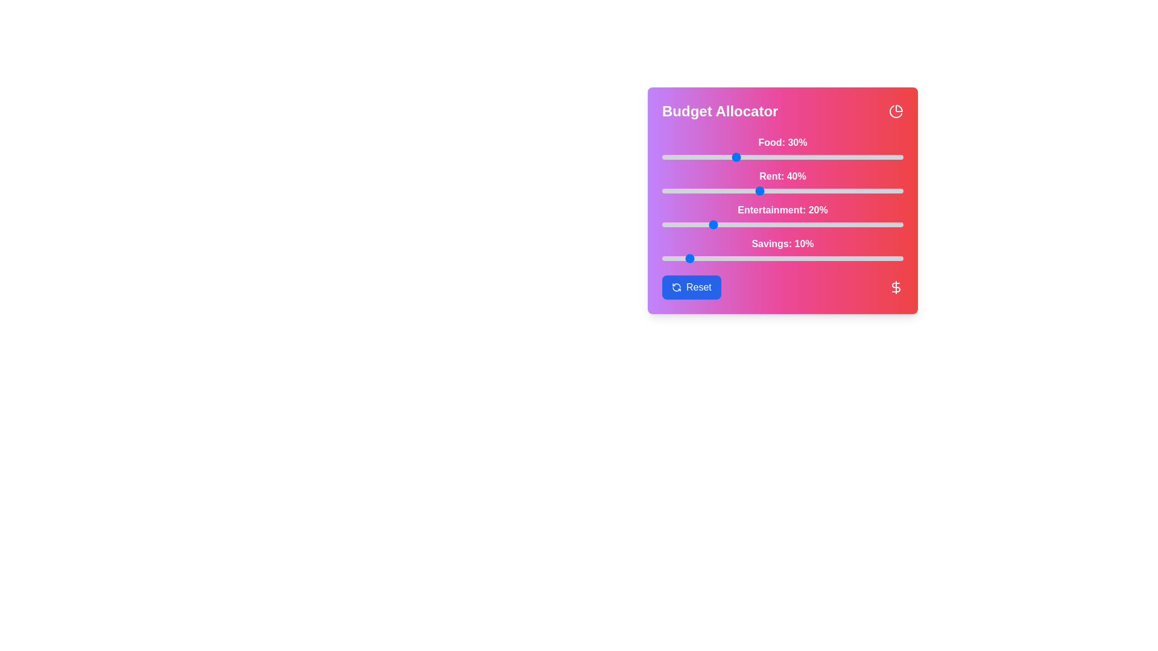 The image size is (1158, 651). Describe the element at coordinates (677, 288) in the screenshot. I see `the circular reset icon with two arrows inside the blue button labeled 'Reset' in the lower-left corner of the 'Budget Allocator' interface panel` at that location.